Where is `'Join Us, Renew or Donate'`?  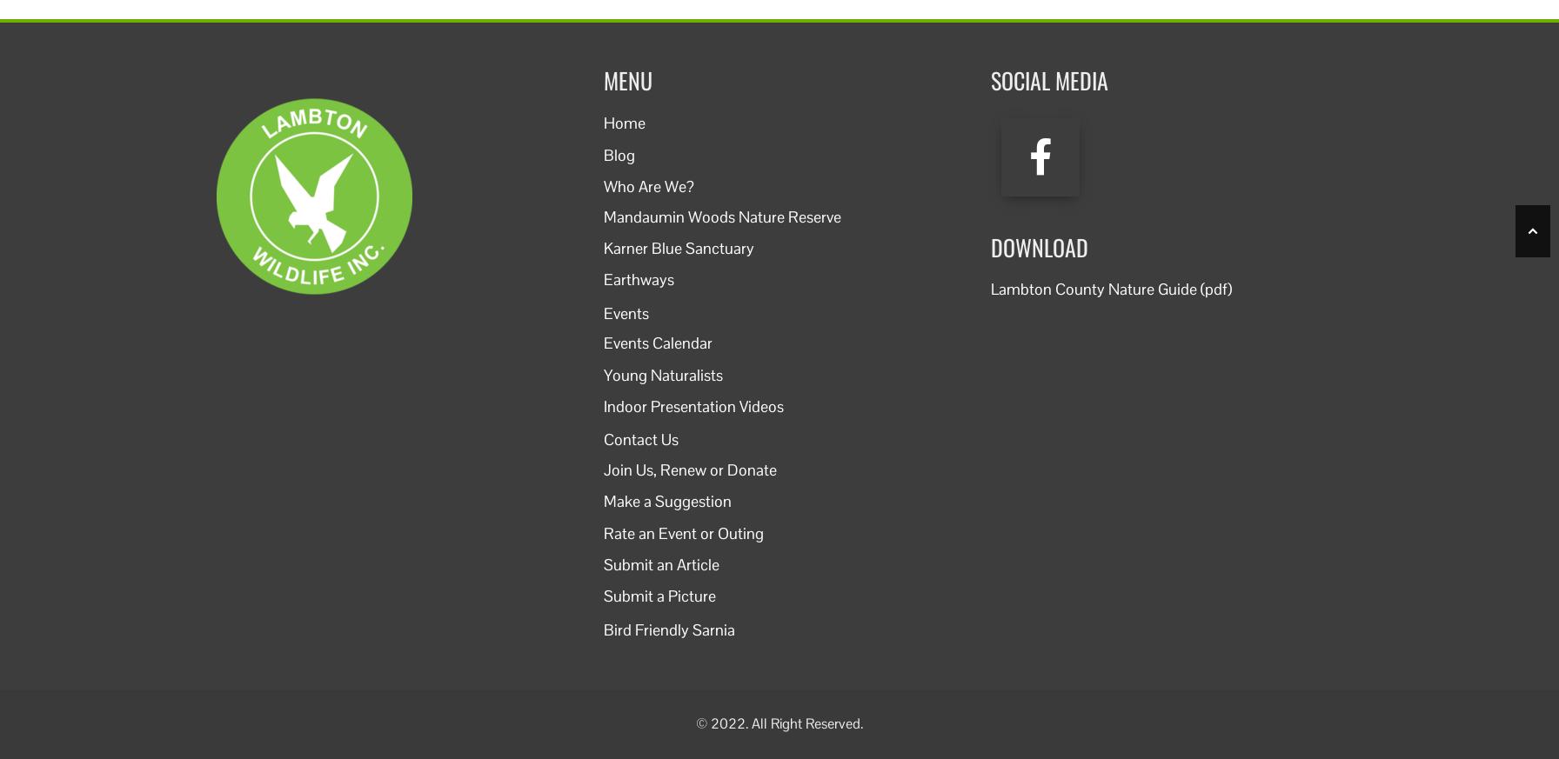 'Join Us, Renew or Donate' is located at coordinates (604, 468).